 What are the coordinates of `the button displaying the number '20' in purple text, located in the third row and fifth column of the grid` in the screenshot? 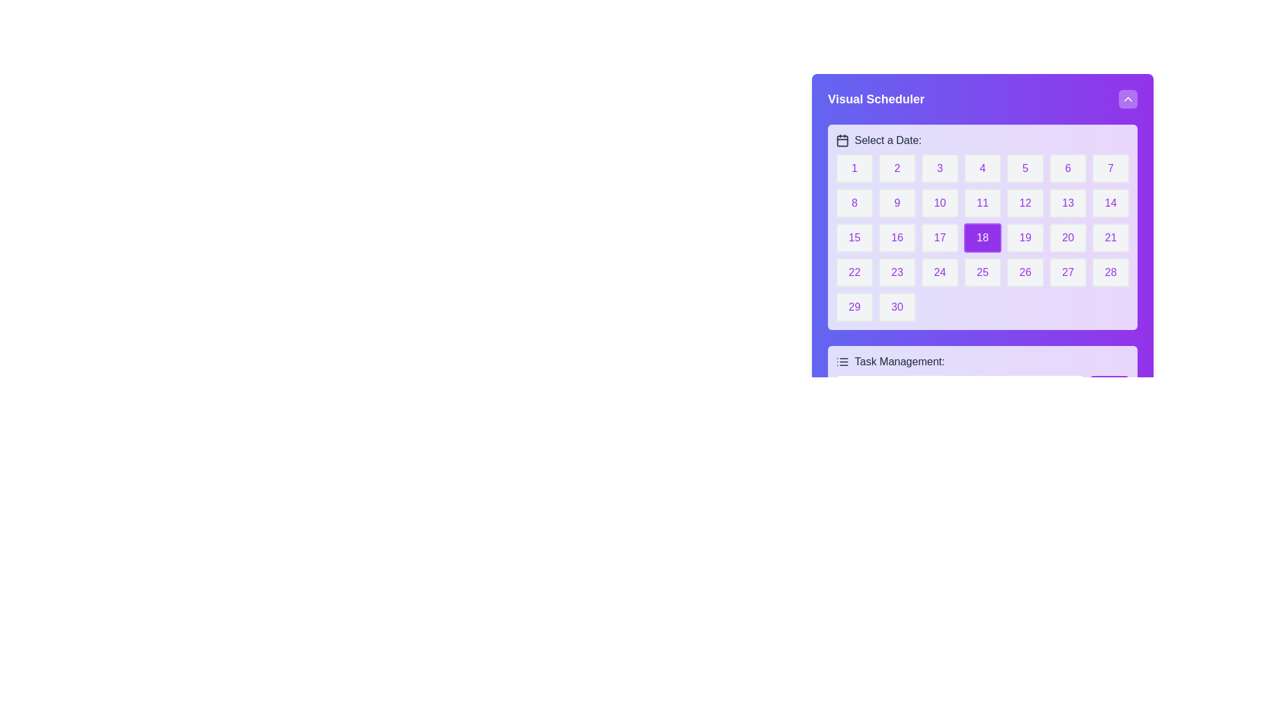 It's located at (1068, 237).